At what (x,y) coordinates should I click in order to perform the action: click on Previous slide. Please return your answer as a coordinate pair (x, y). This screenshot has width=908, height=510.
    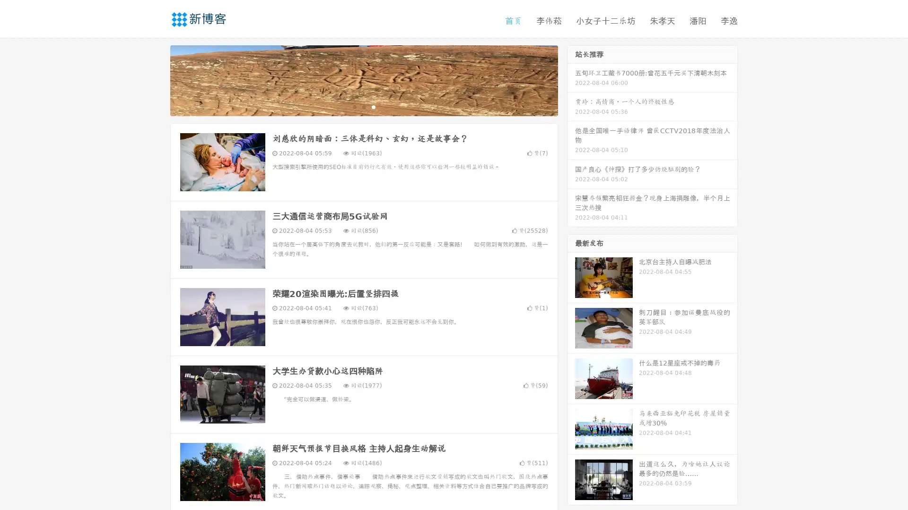
    Looking at the image, I should click on (156, 79).